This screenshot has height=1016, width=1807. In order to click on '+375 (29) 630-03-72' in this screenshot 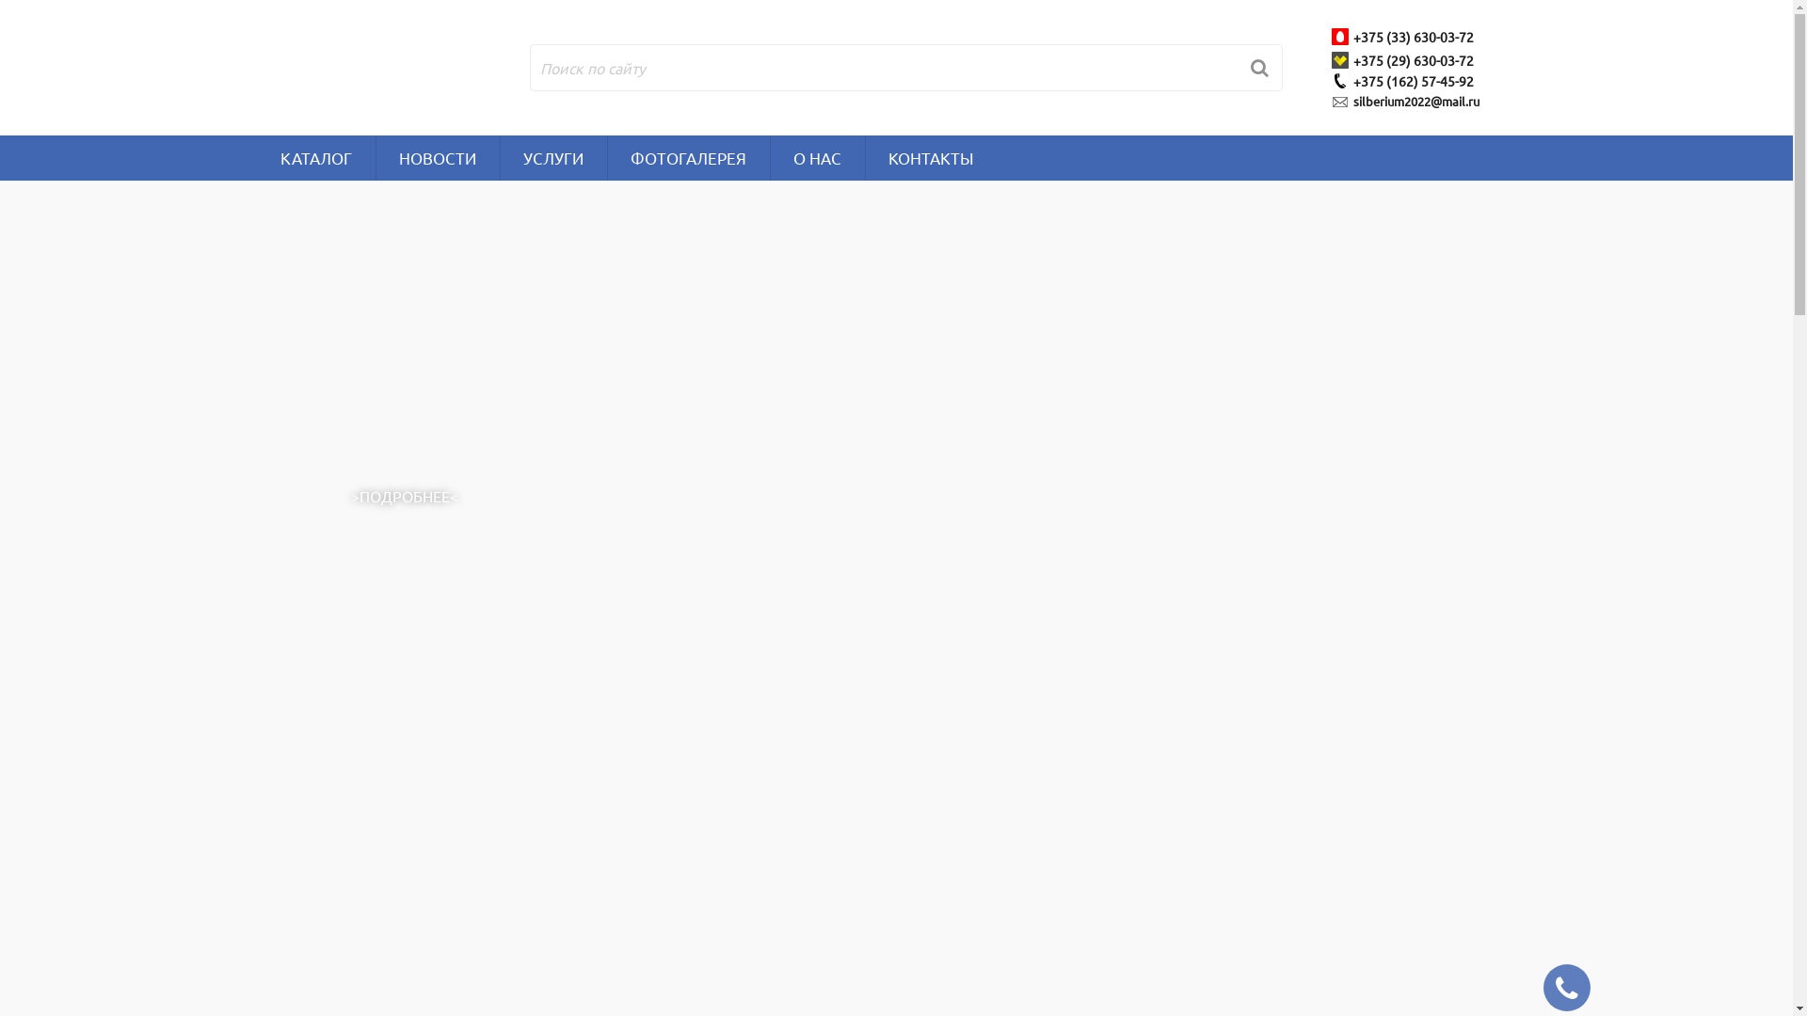, I will do `click(1352, 59)`.